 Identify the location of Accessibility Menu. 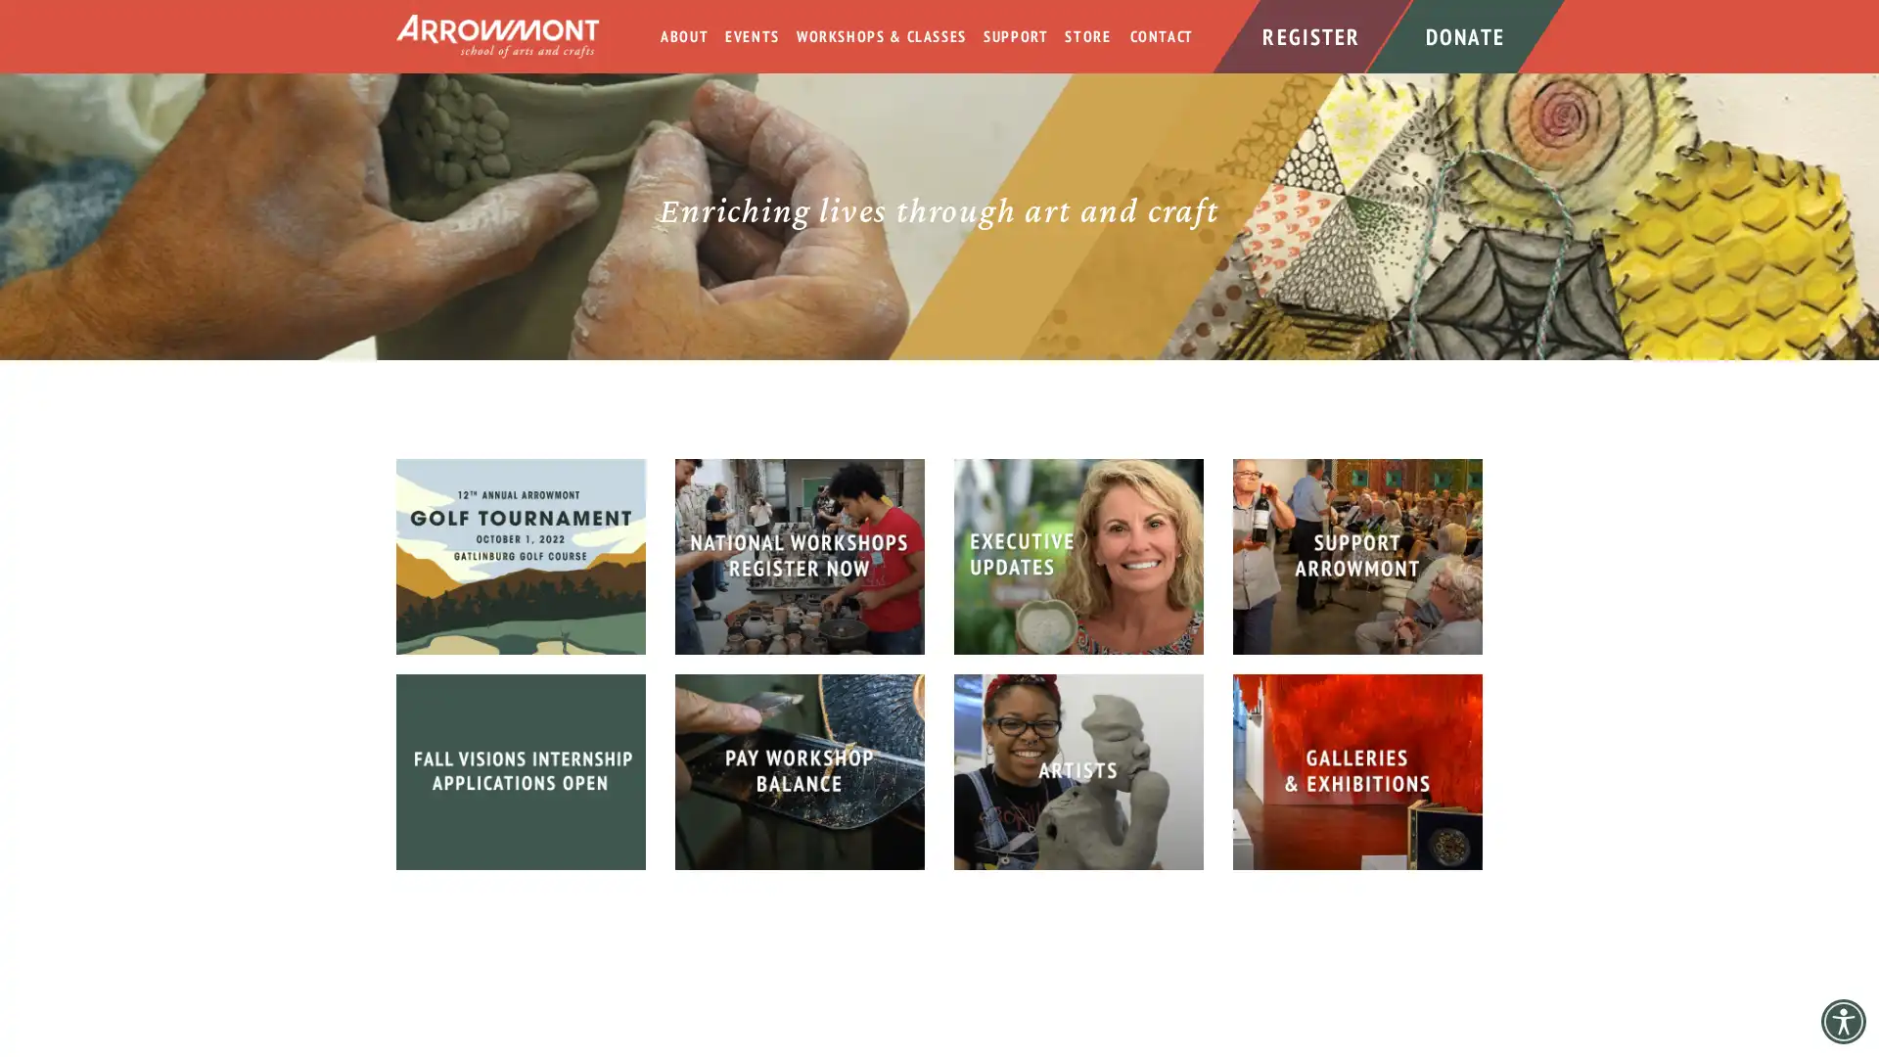
(1842, 1021).